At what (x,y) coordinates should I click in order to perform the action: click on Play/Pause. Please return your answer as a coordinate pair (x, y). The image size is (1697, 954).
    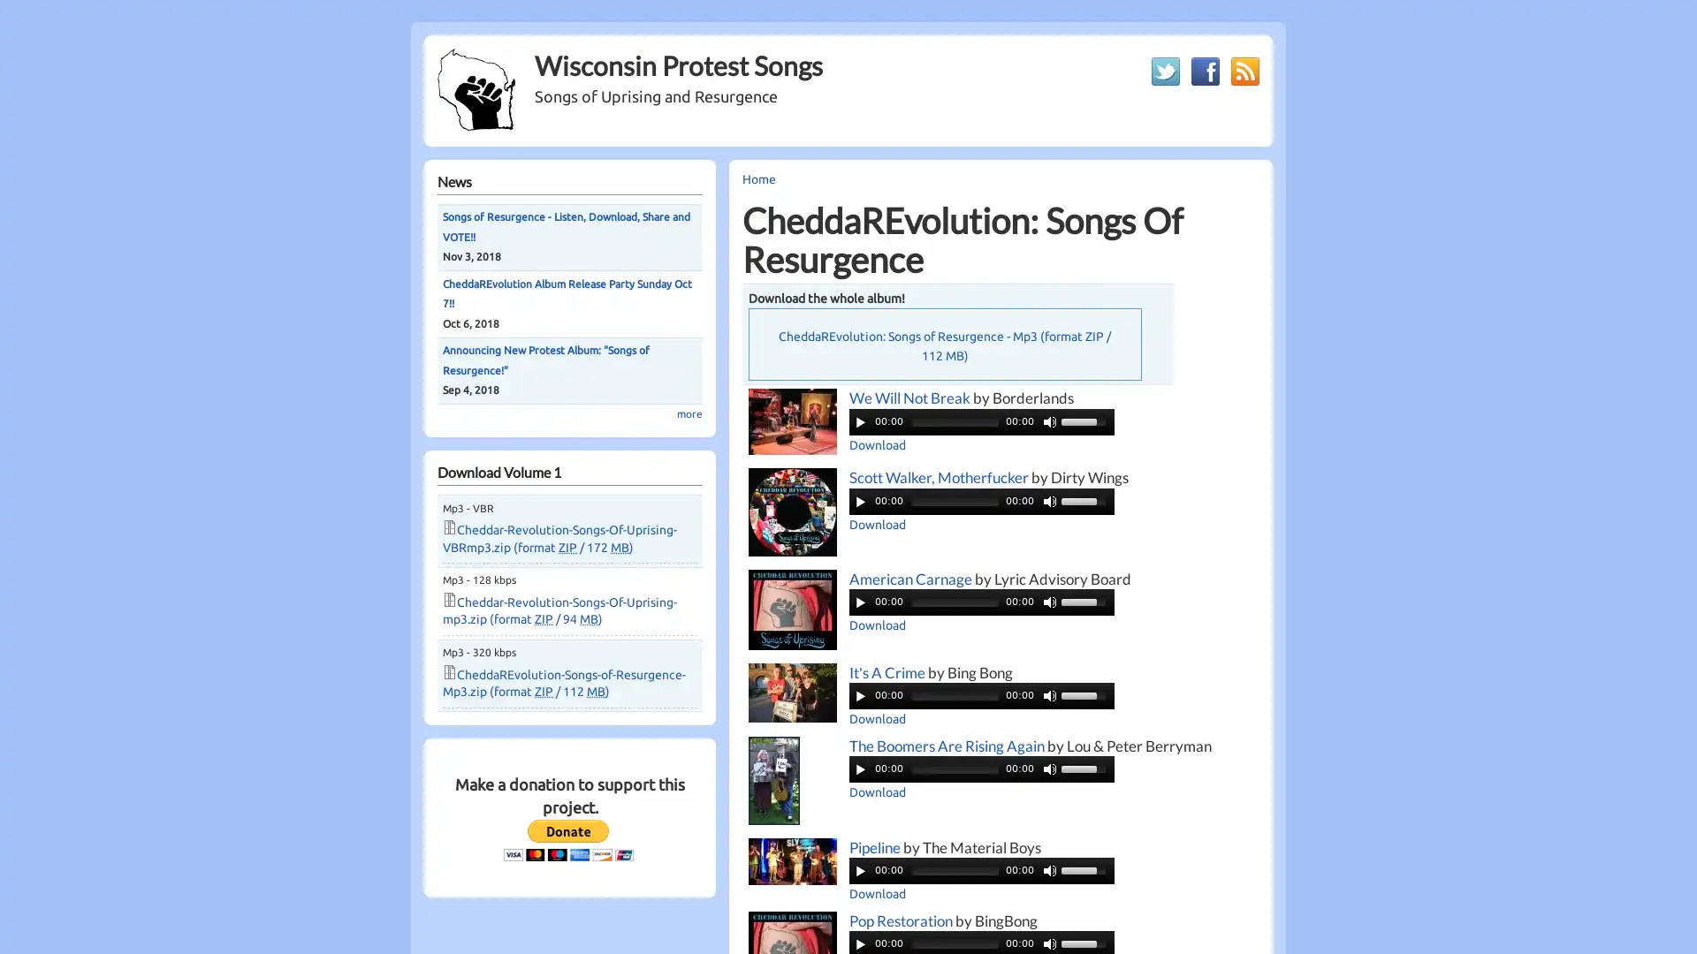
    Looking at the image, I should click on (861, 694).